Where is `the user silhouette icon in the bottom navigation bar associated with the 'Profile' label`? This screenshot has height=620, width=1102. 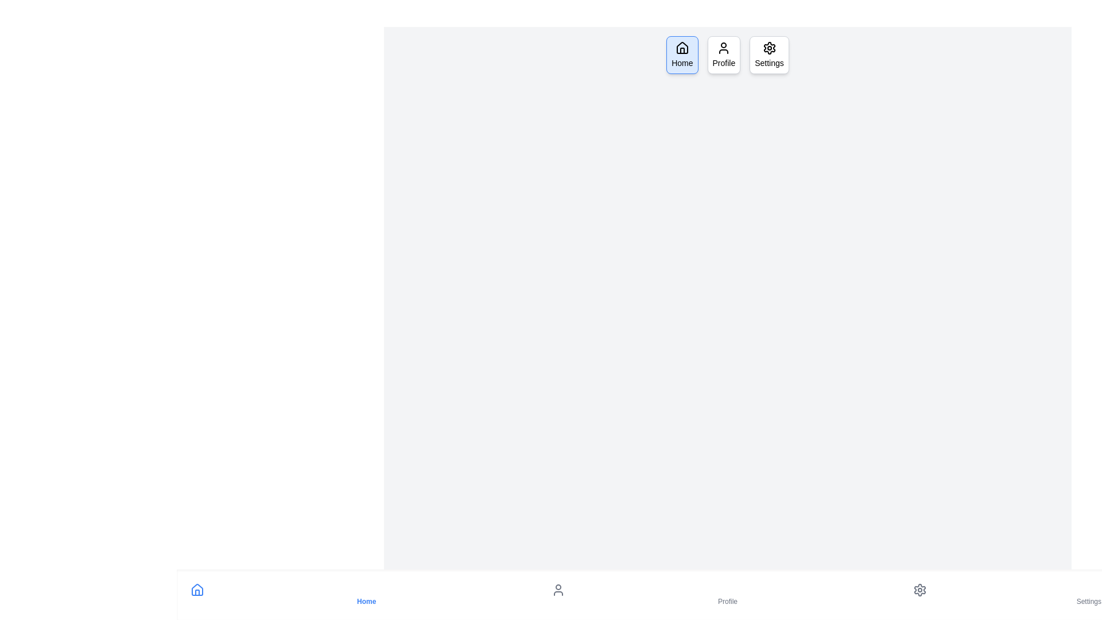
the user silhouette icon in the bottom navigation bar associated with the 'Profile' label is located at coordinates (558, 590).